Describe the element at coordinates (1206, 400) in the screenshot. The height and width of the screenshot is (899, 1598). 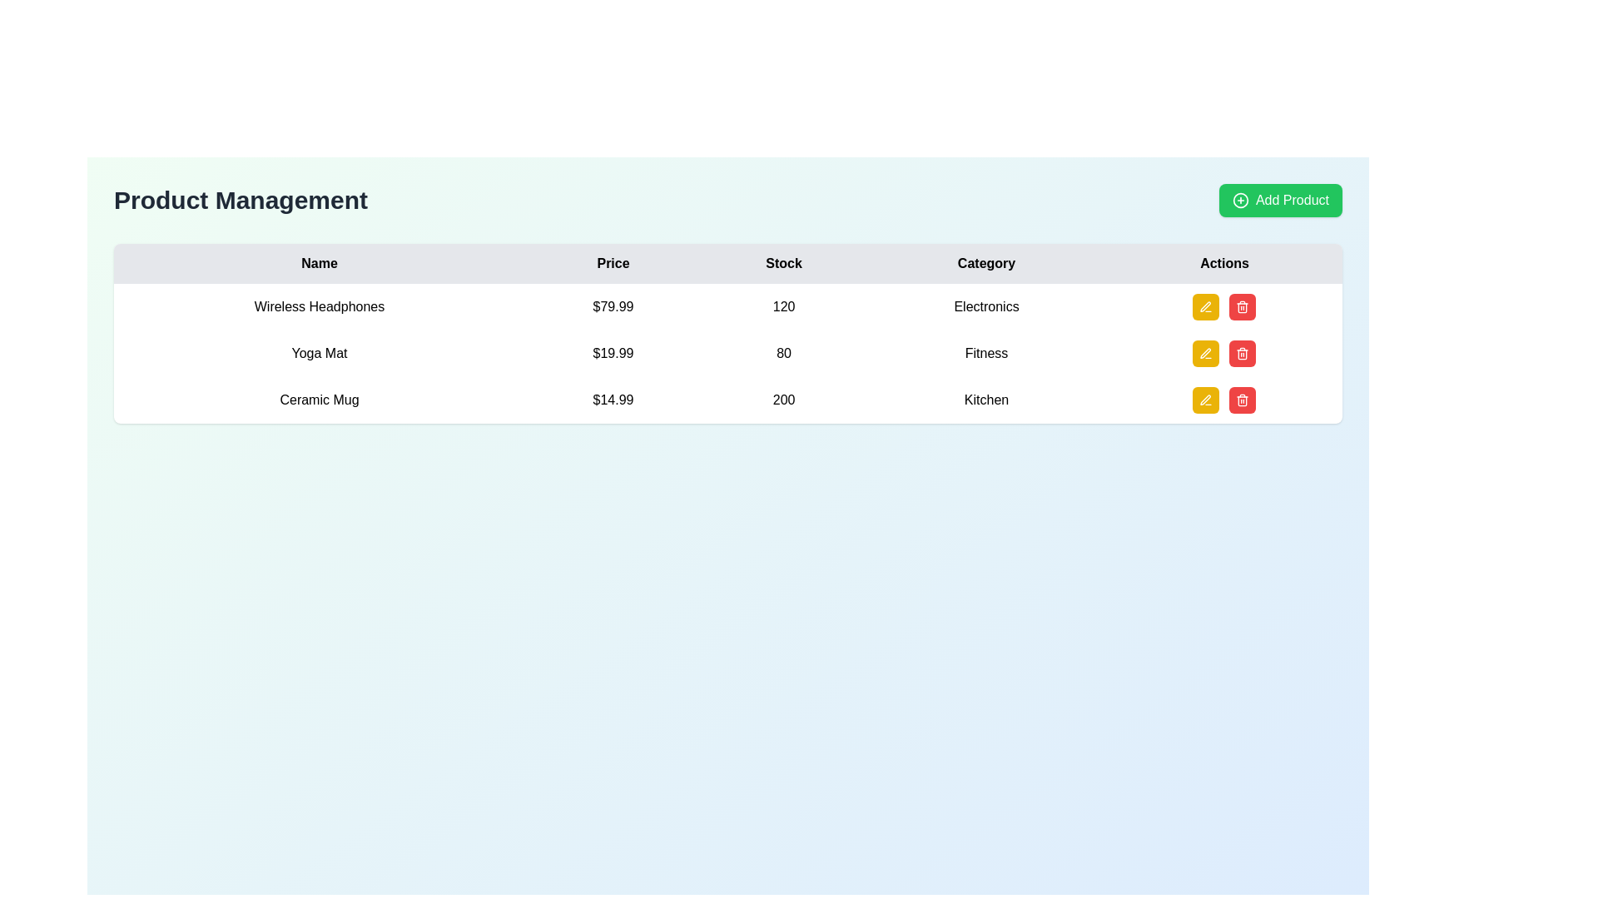
I see `the small yellow button with a pen icon in the 'Actions' column of the 'Ceramic Mug' row` at that location.